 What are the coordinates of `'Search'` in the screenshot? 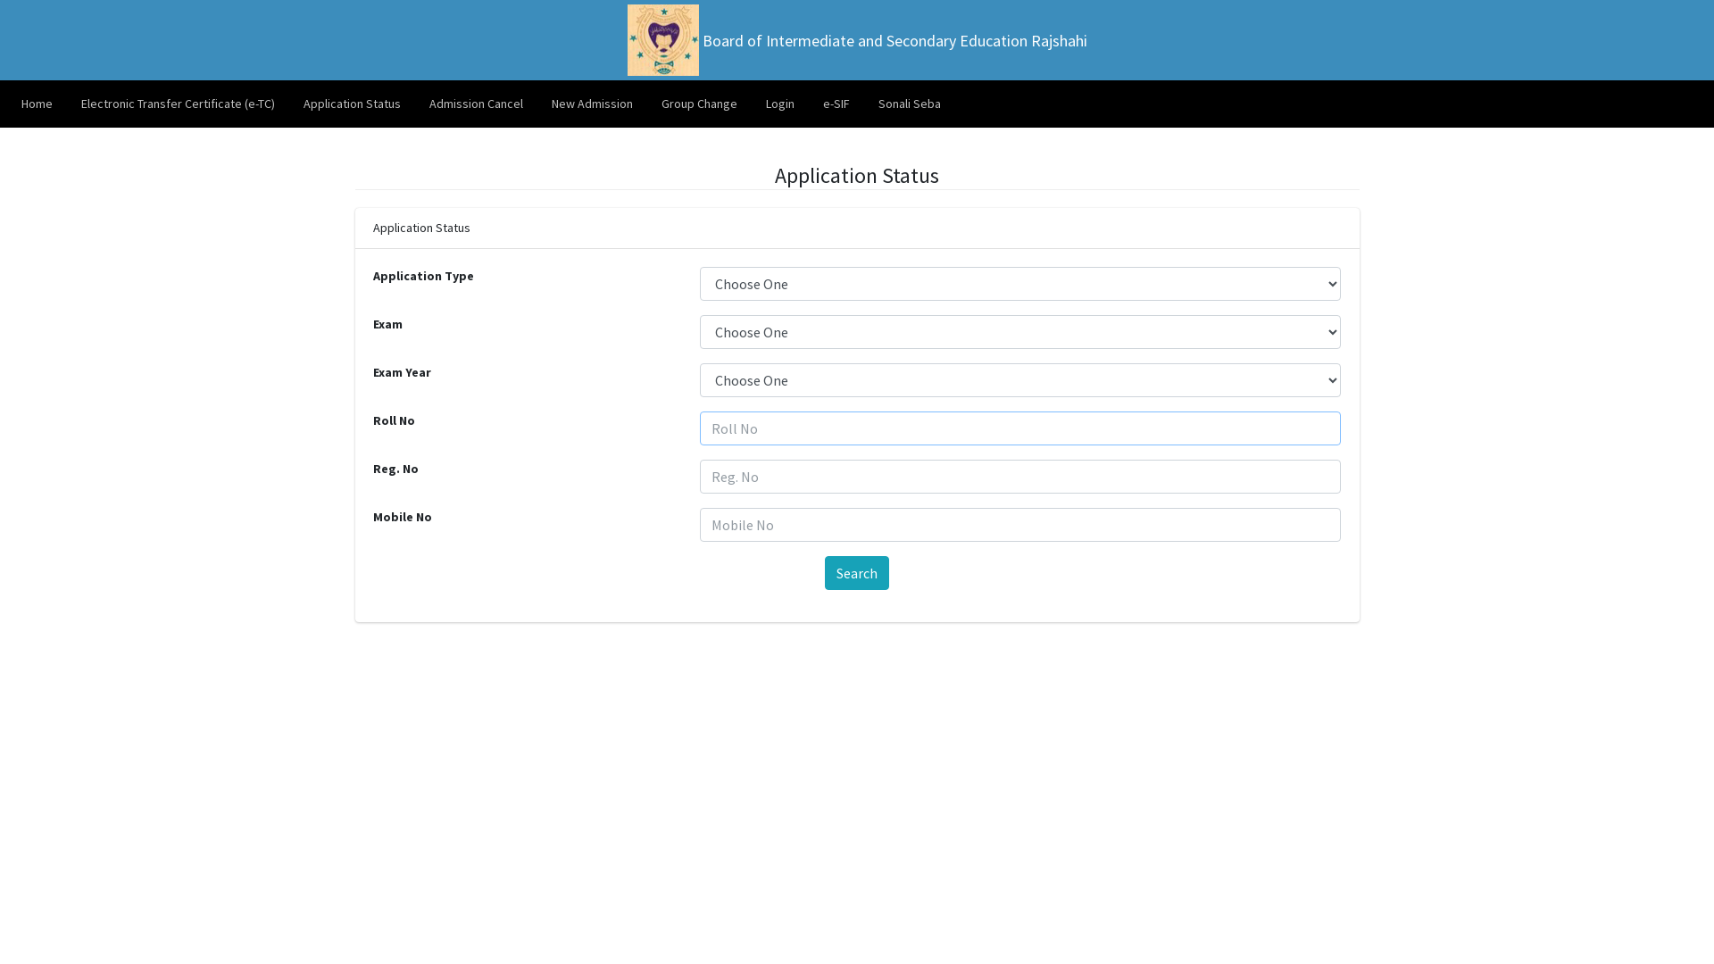 It's located at (857, 572).